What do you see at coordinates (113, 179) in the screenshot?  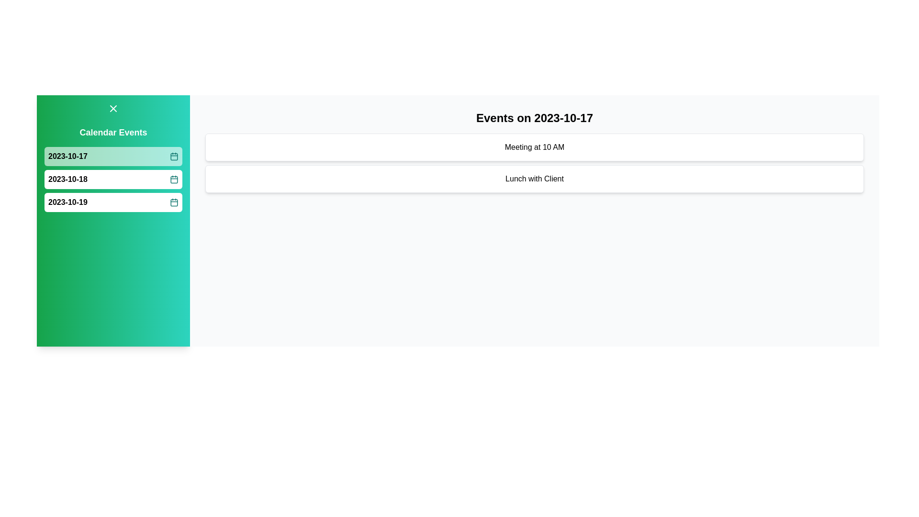 I see `the date 2023-10-18 from the list of dates` at bounding box center [113, 179].